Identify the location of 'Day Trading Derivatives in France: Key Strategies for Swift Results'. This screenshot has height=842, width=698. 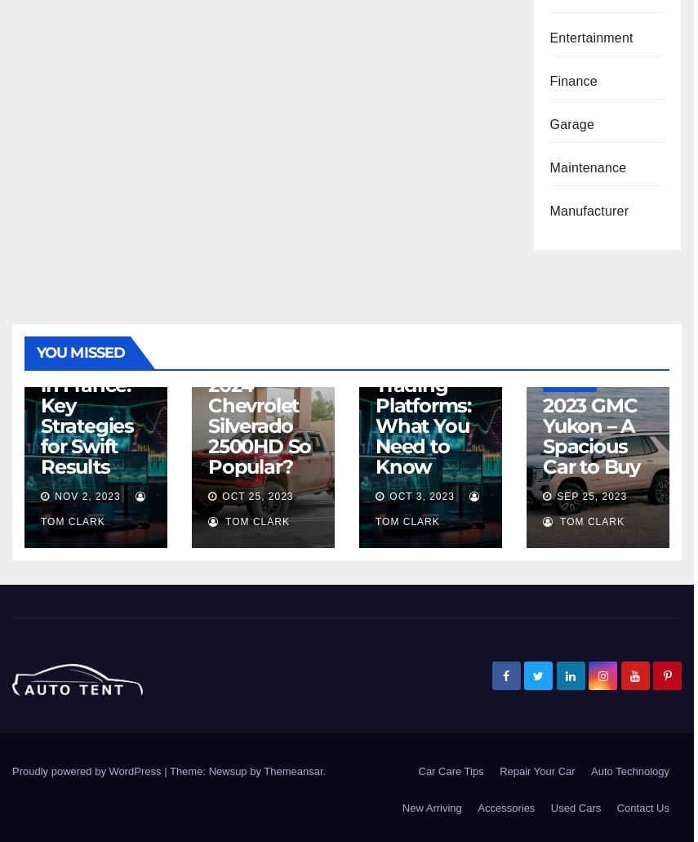
(91, 394).